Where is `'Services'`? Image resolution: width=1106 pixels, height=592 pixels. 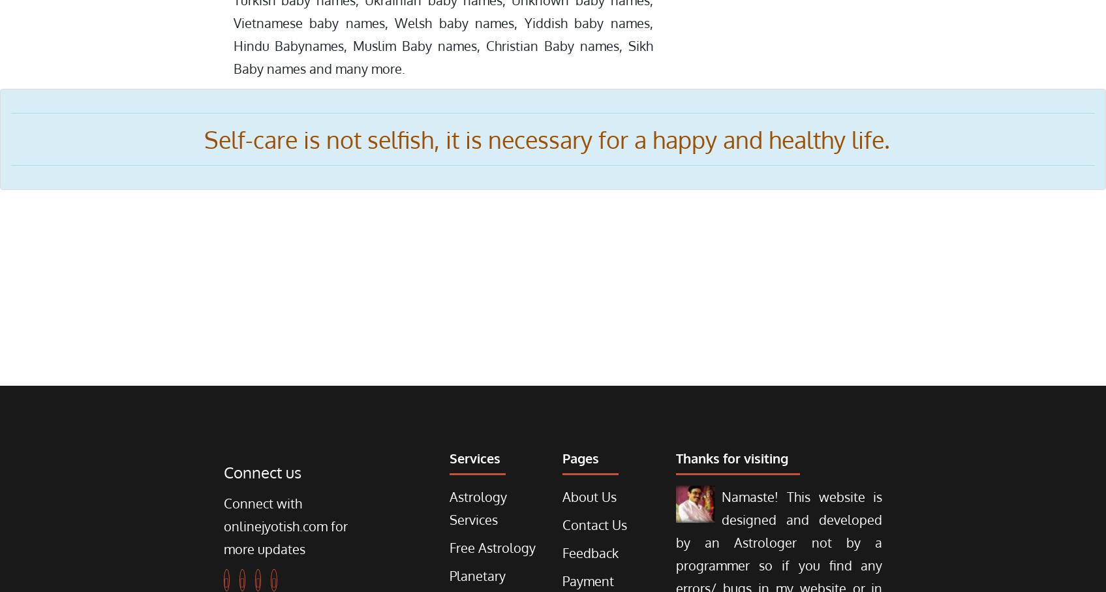 'Services' is located at coordinates (450, 458).